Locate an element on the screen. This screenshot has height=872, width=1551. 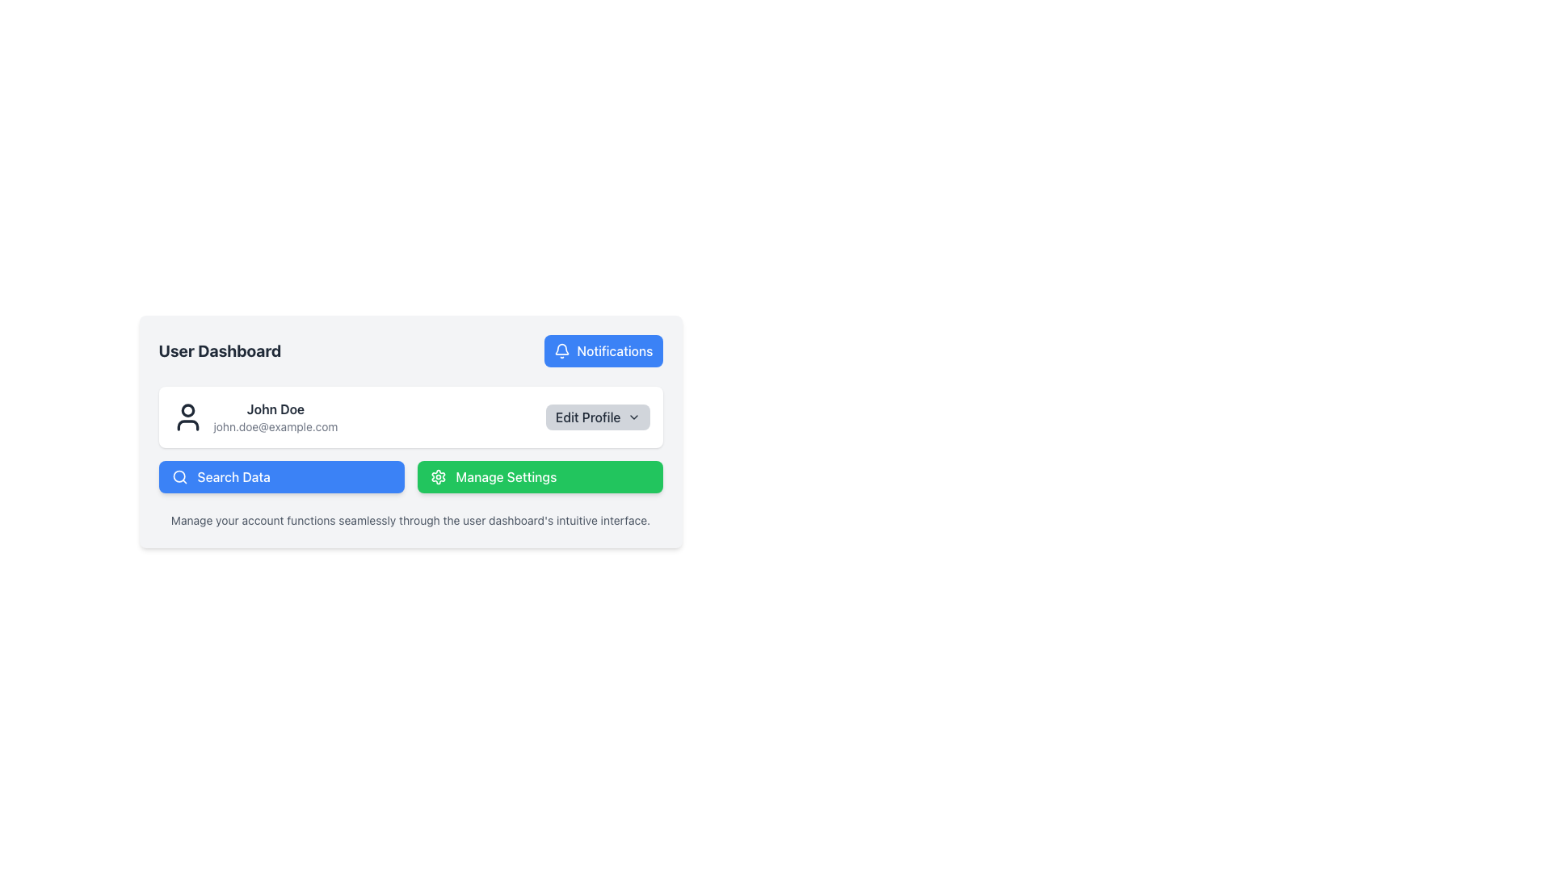
the informational static text element located below the 'Search Data' and 'Manage Settings' buttons in the user dashboard is located at coordinates (410, 520).